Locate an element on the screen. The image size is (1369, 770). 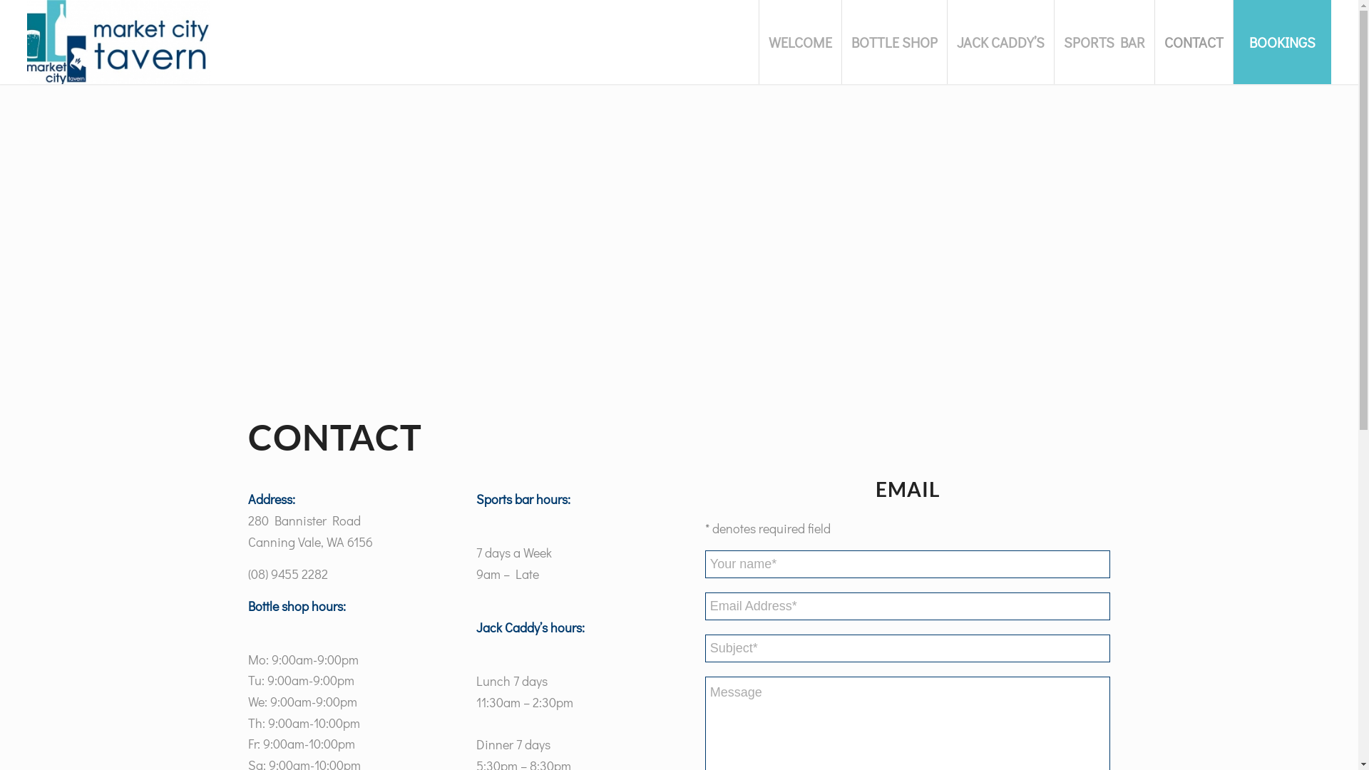
'SPORTS BAR' is located at coordinates (1103, 41).